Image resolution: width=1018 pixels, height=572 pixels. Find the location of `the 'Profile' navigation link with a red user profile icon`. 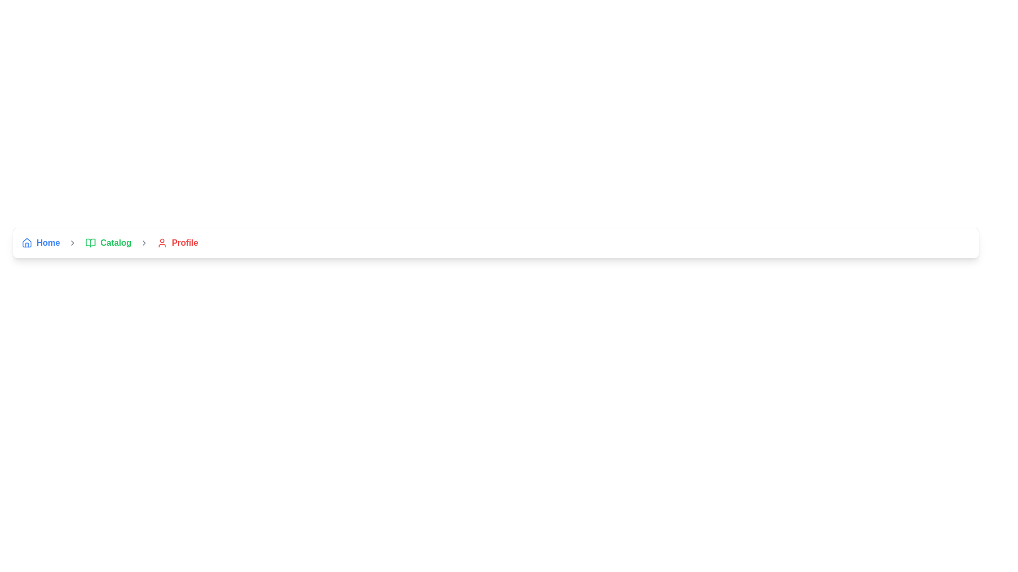

the 'Profile' navigation link with a red user profile icon is located at coordinates (178, 243).